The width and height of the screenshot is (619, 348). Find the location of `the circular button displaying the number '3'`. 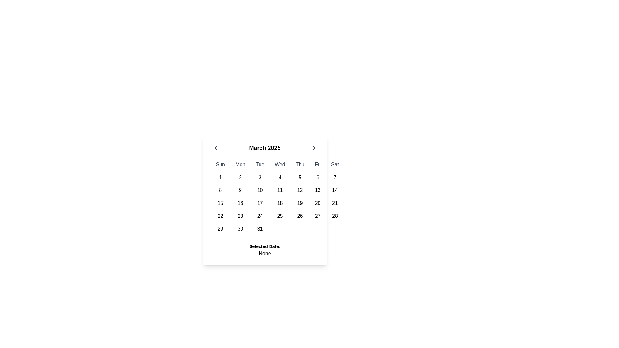

the circular button displaying the number '3' is located at coordinates (260, 178).